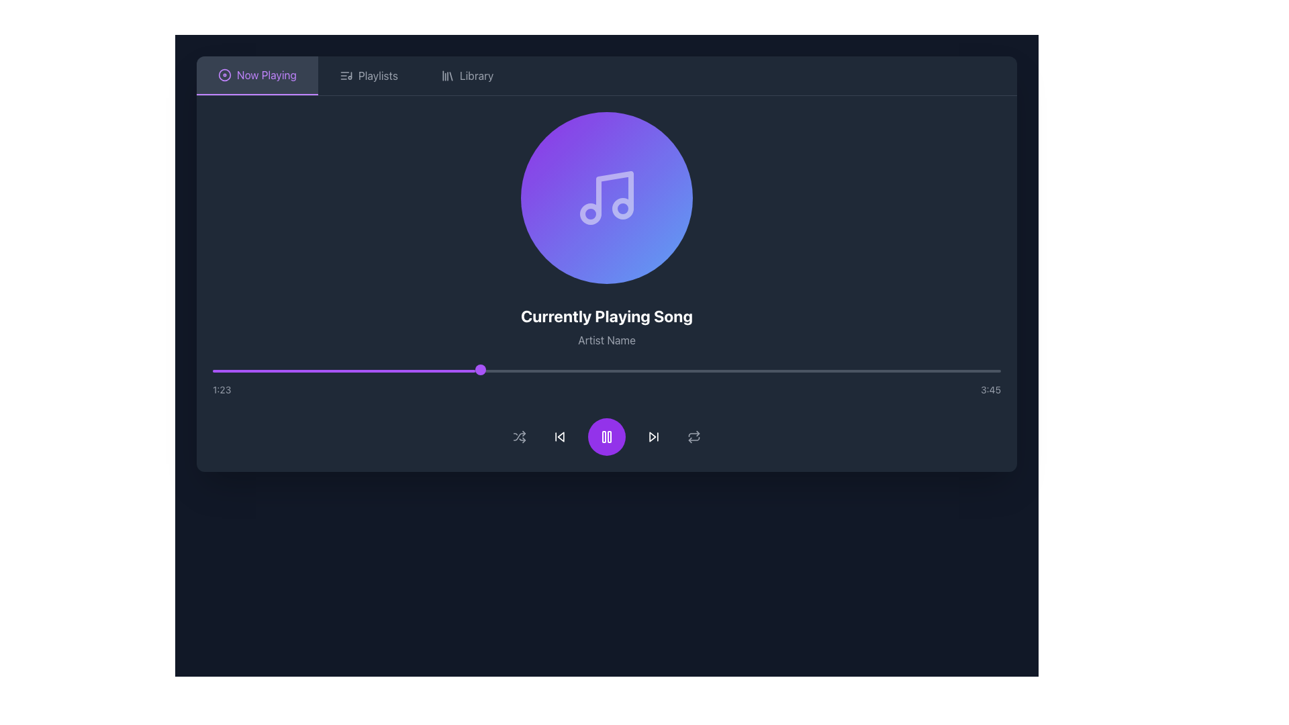  I want to click on the Interactive icon (skip back button) located below the audio progress bar and to the left of the central play button to skip back or restart the current track, so click(561, 437).